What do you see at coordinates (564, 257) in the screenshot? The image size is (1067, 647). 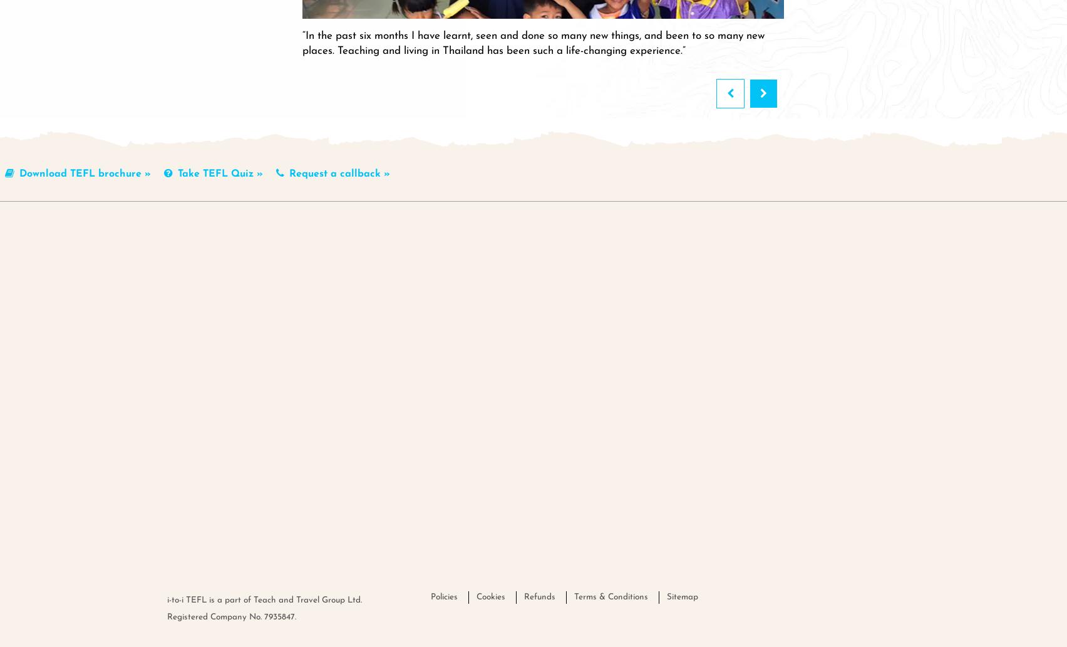 I see `'TEFL Internships'` at bounding box center [564, 257].